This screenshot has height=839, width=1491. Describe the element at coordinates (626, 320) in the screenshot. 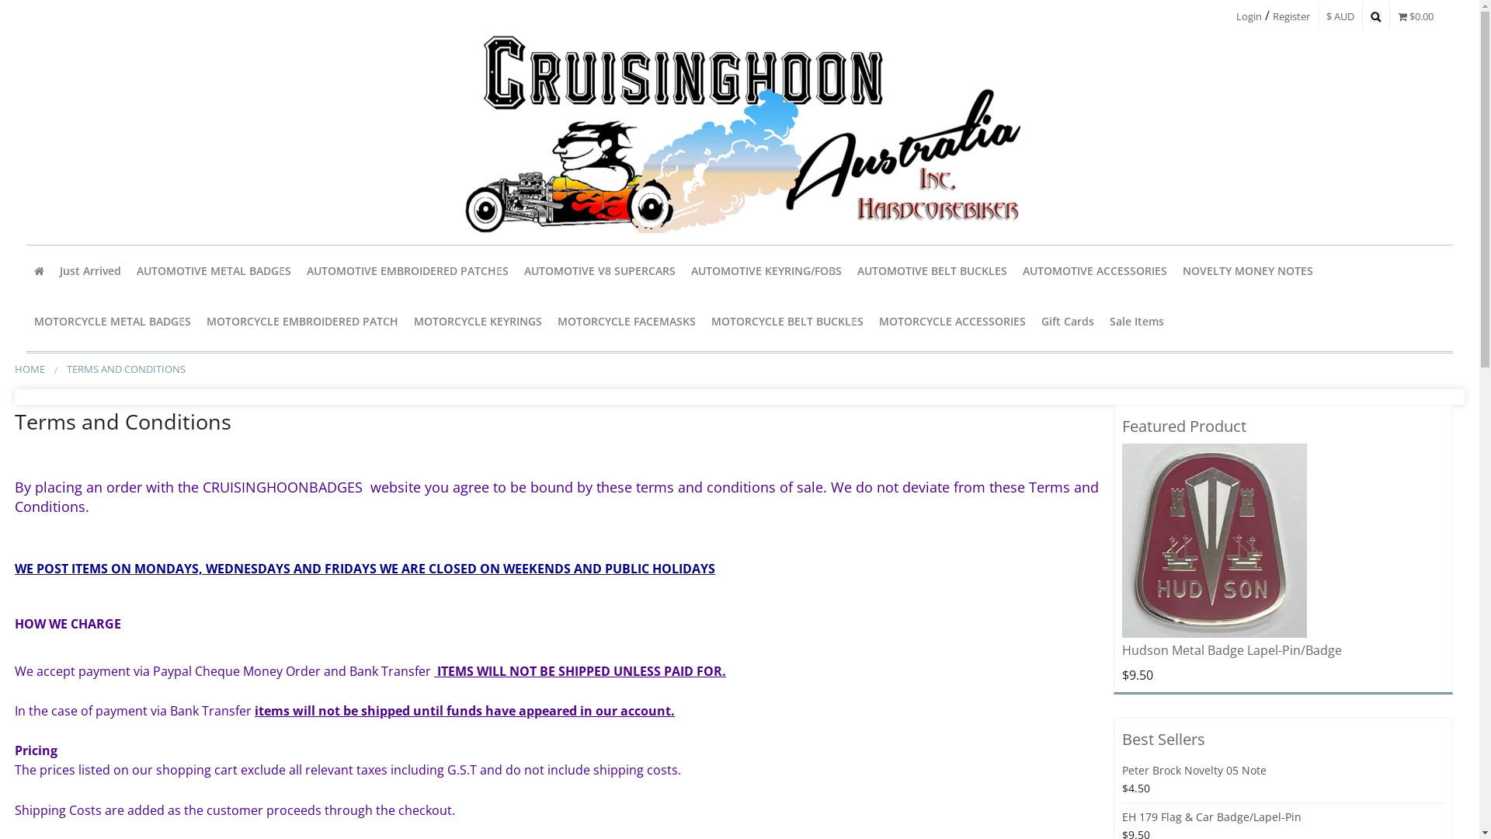

I see `'MOTORCYCLE FACEMASKS'` at that location.